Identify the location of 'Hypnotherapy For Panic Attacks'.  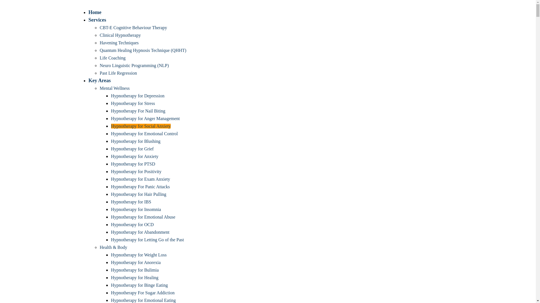
(140, 187).